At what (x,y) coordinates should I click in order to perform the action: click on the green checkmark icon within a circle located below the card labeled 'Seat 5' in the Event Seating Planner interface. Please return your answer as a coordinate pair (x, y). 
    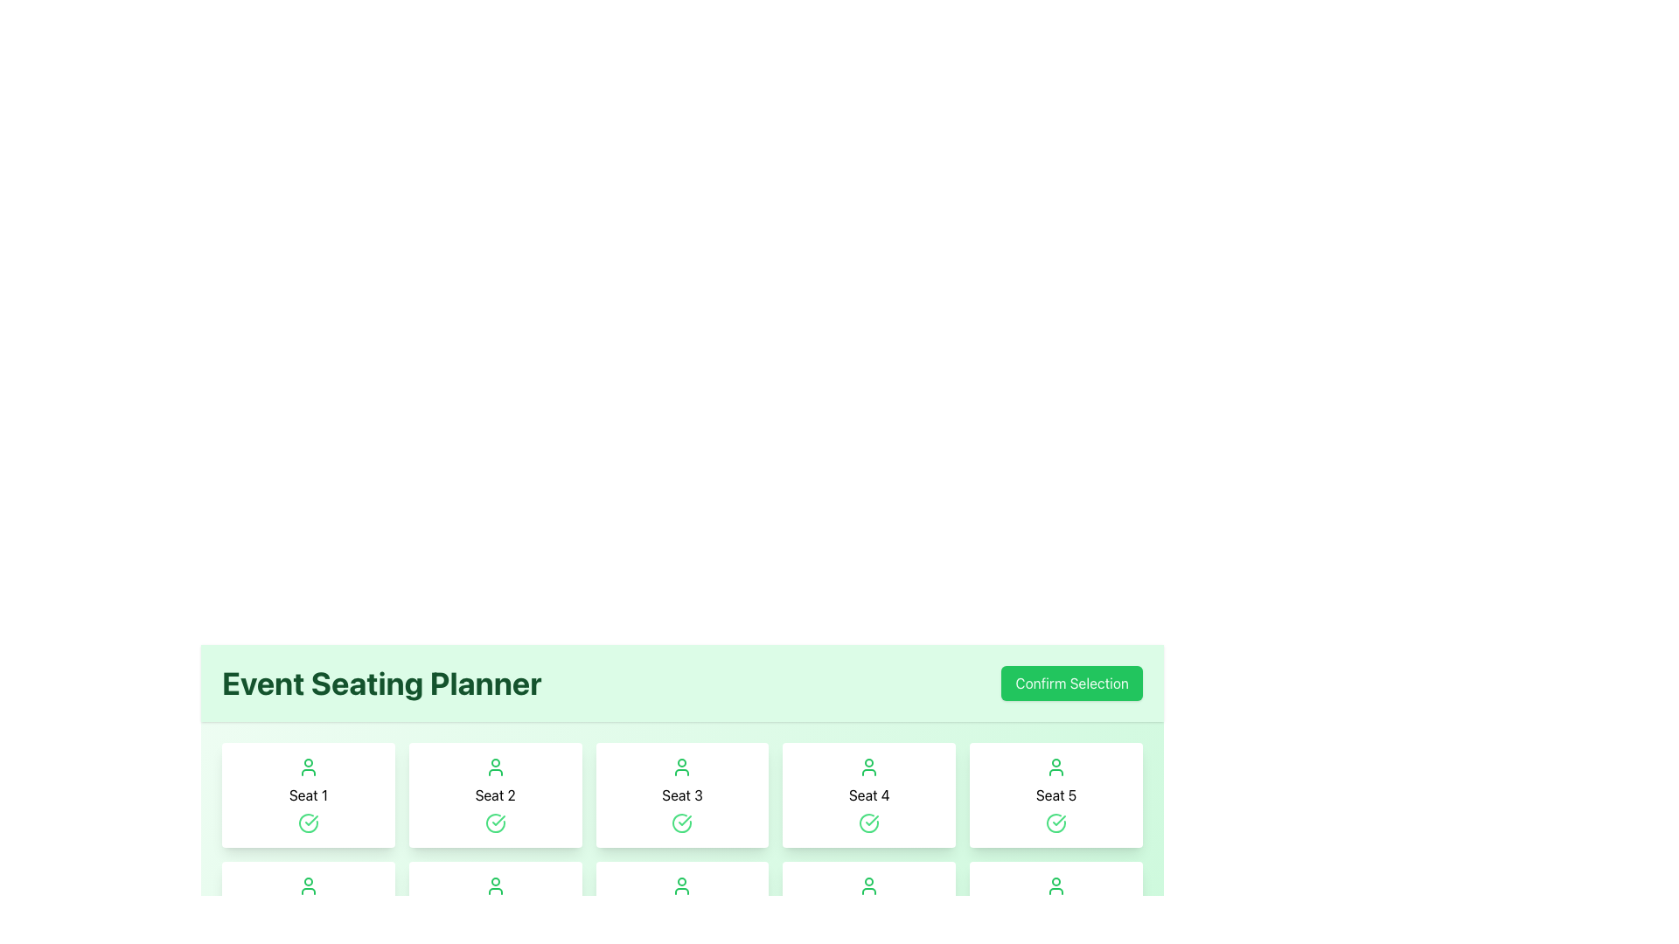
    Looking at the image, I should click on (1058, 820).